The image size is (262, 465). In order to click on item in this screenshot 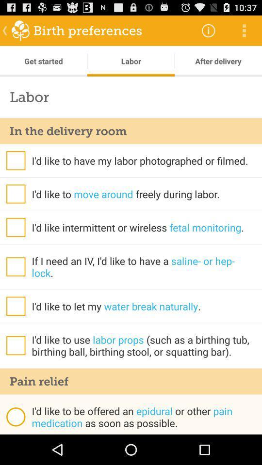, I will do `click(15, 306)`.